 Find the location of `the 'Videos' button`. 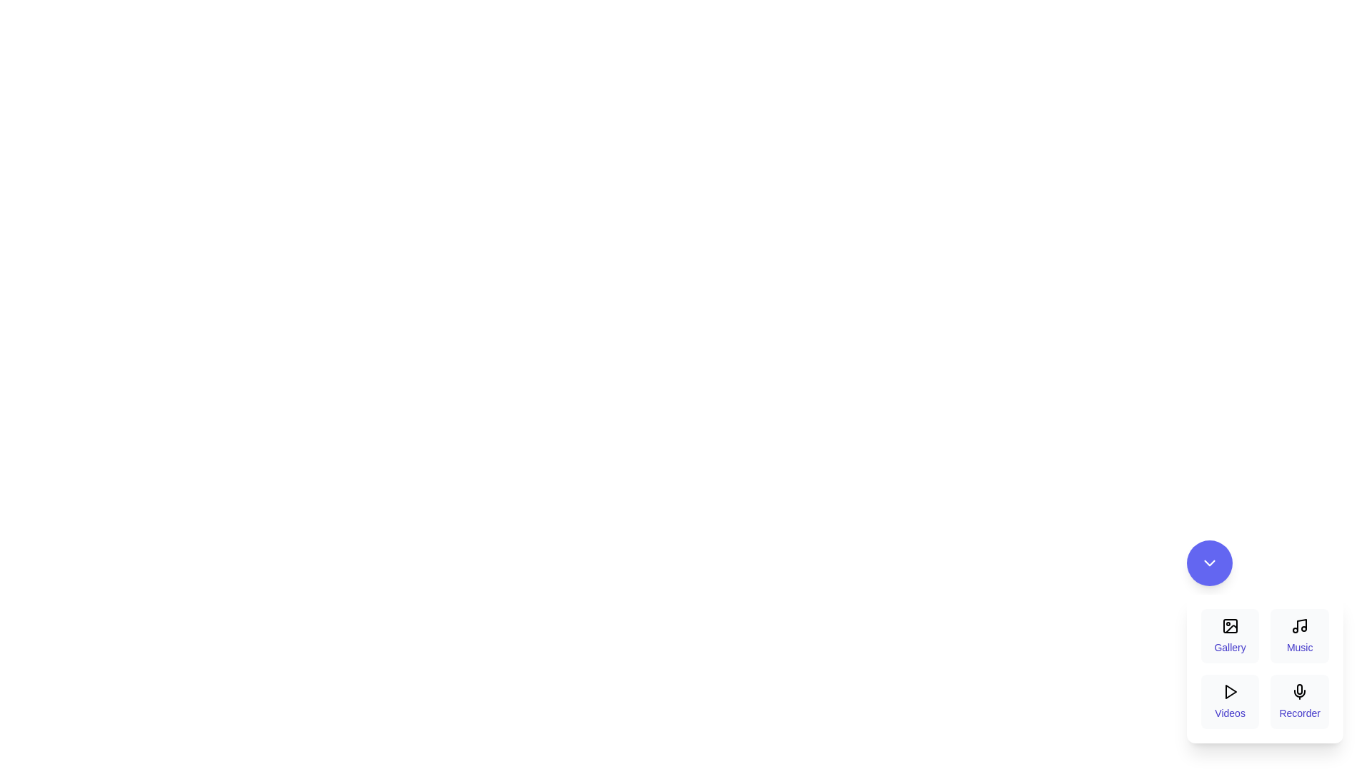

the 'Videos' button is located at coordinates (1229, 701).